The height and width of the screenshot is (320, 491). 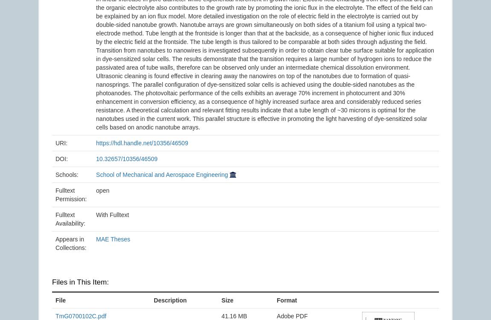 What do you see at coordinates (286, 299) in the screenshot?
I see `'Format'` at bounding box center [286, 299].